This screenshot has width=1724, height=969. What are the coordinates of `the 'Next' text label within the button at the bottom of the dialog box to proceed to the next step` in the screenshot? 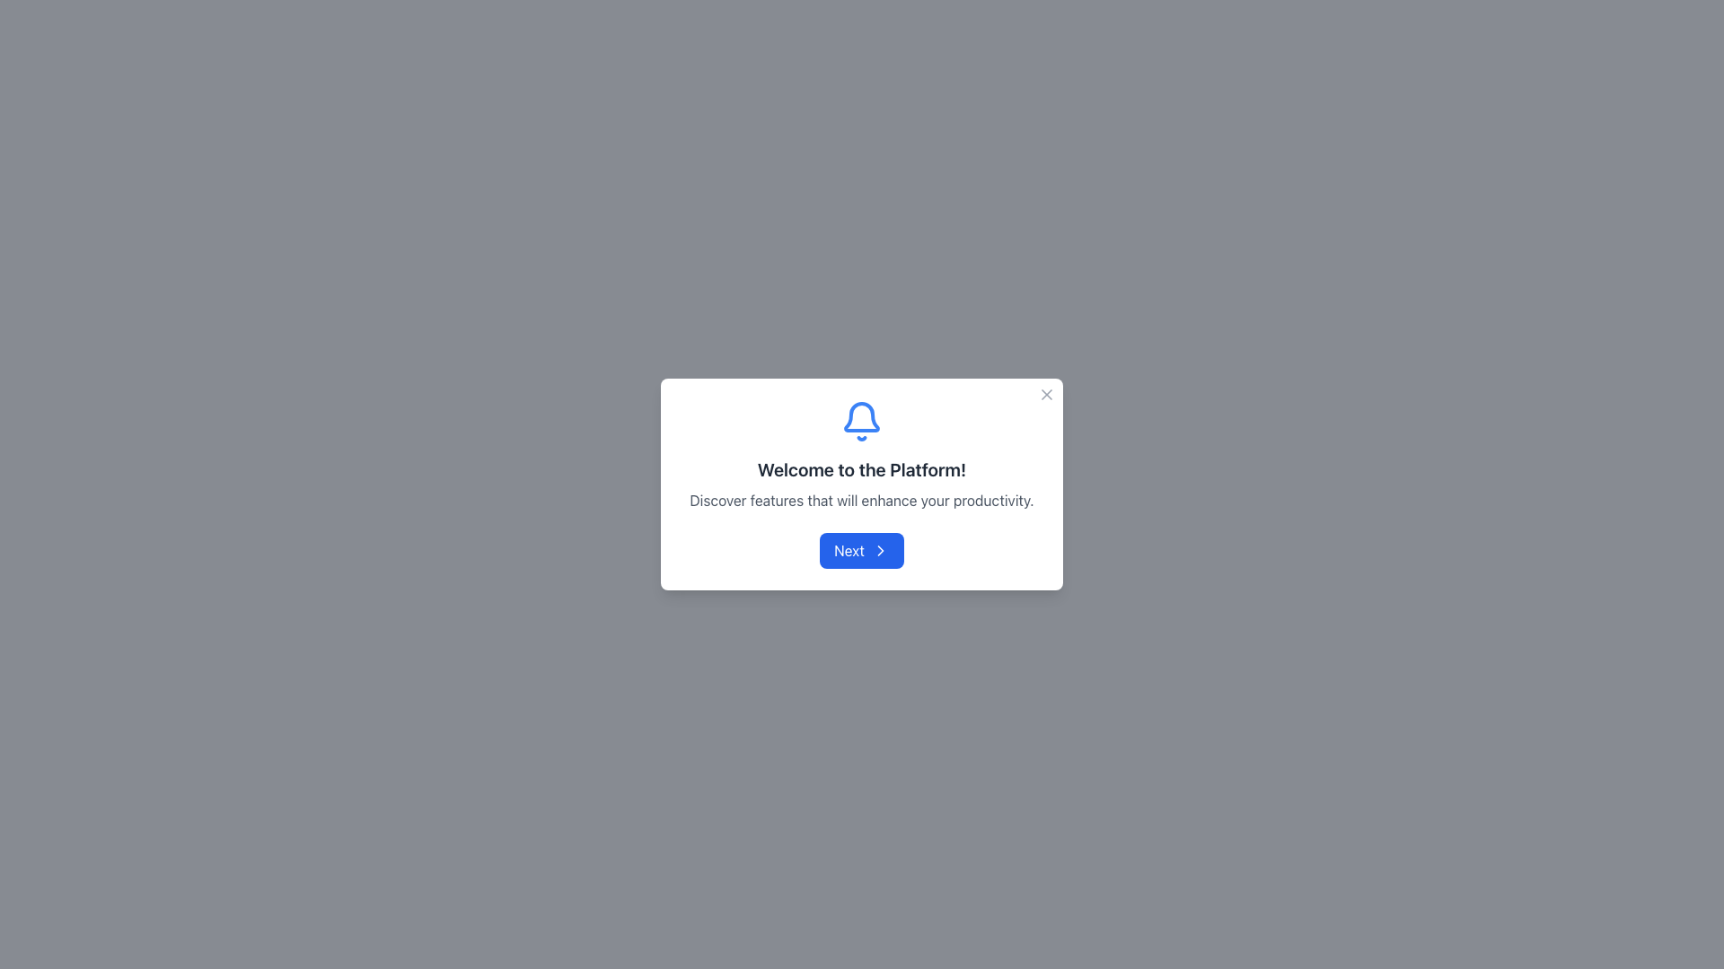 It's located at (848, 549).